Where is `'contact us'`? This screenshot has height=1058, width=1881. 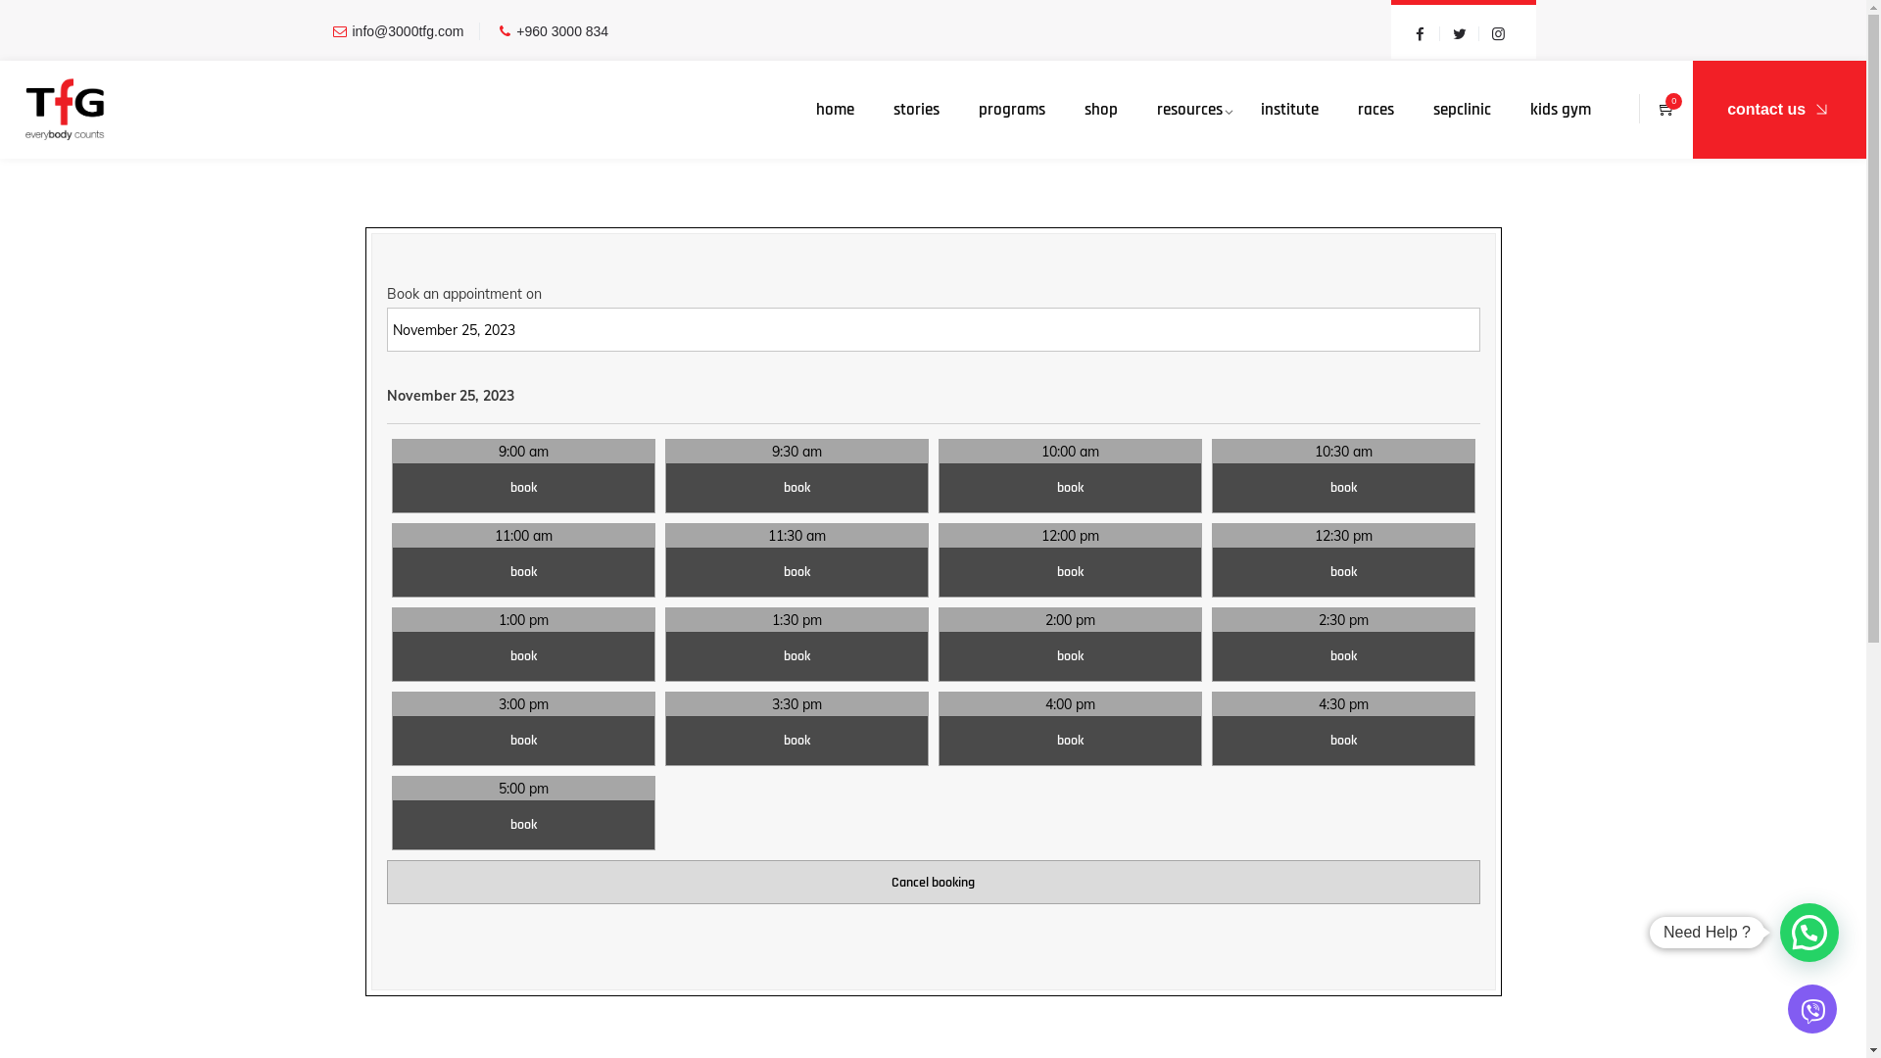
'contact us' is located at coordinates (1692, 109).